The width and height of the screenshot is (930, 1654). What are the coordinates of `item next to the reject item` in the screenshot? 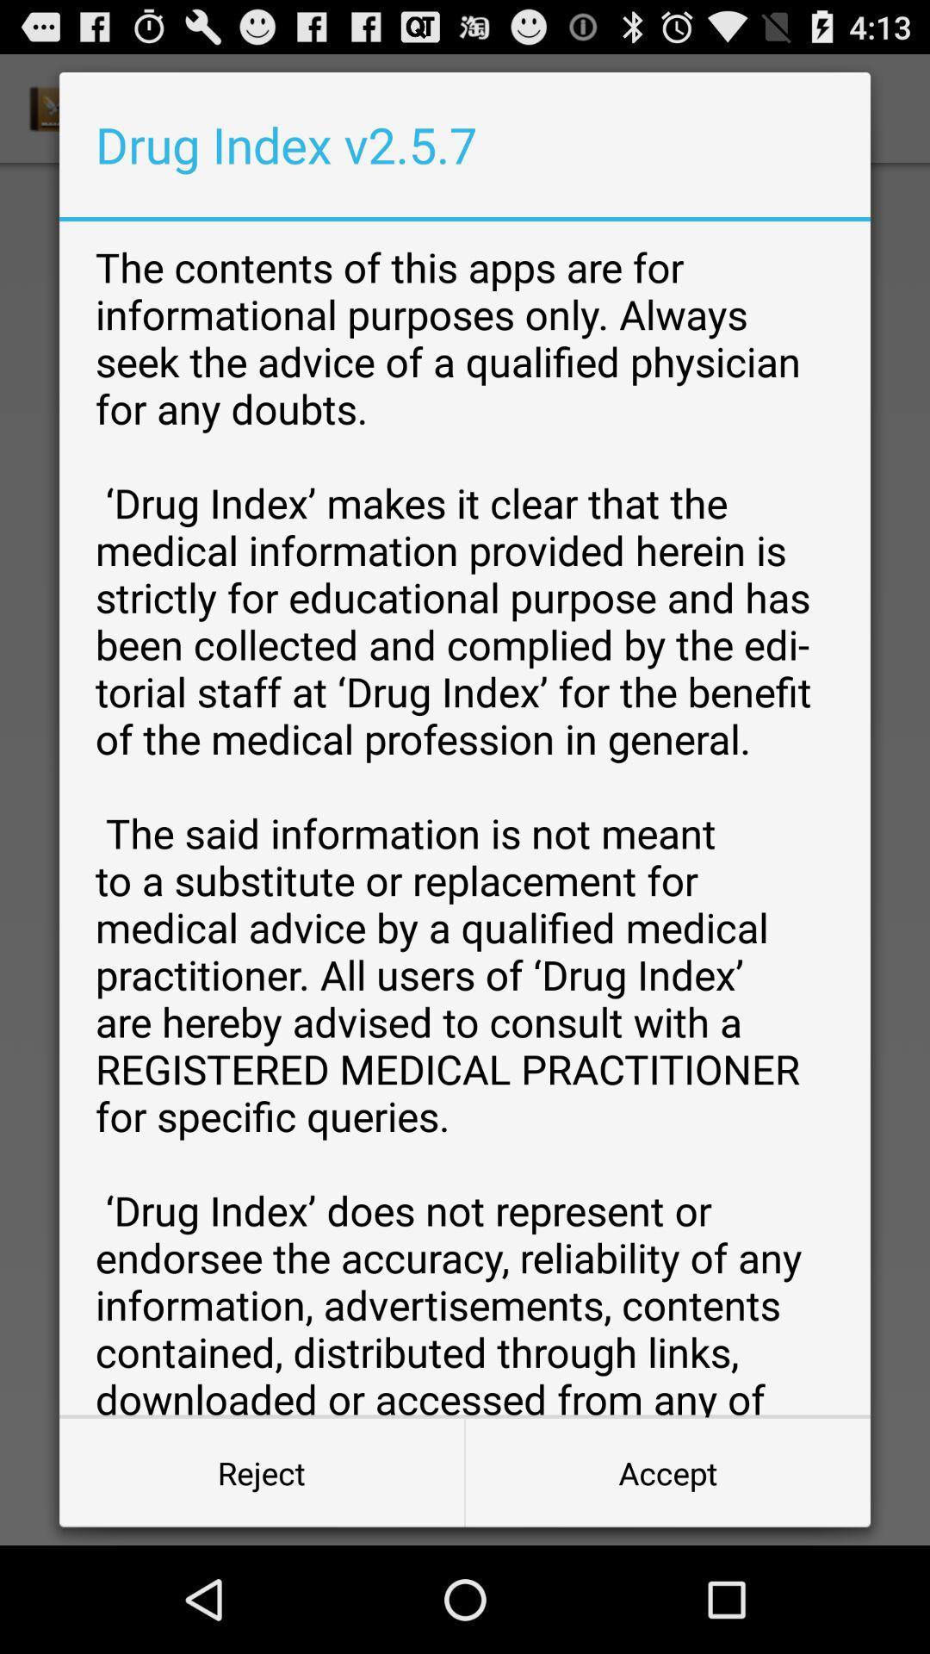 It's located at (666, 1471).